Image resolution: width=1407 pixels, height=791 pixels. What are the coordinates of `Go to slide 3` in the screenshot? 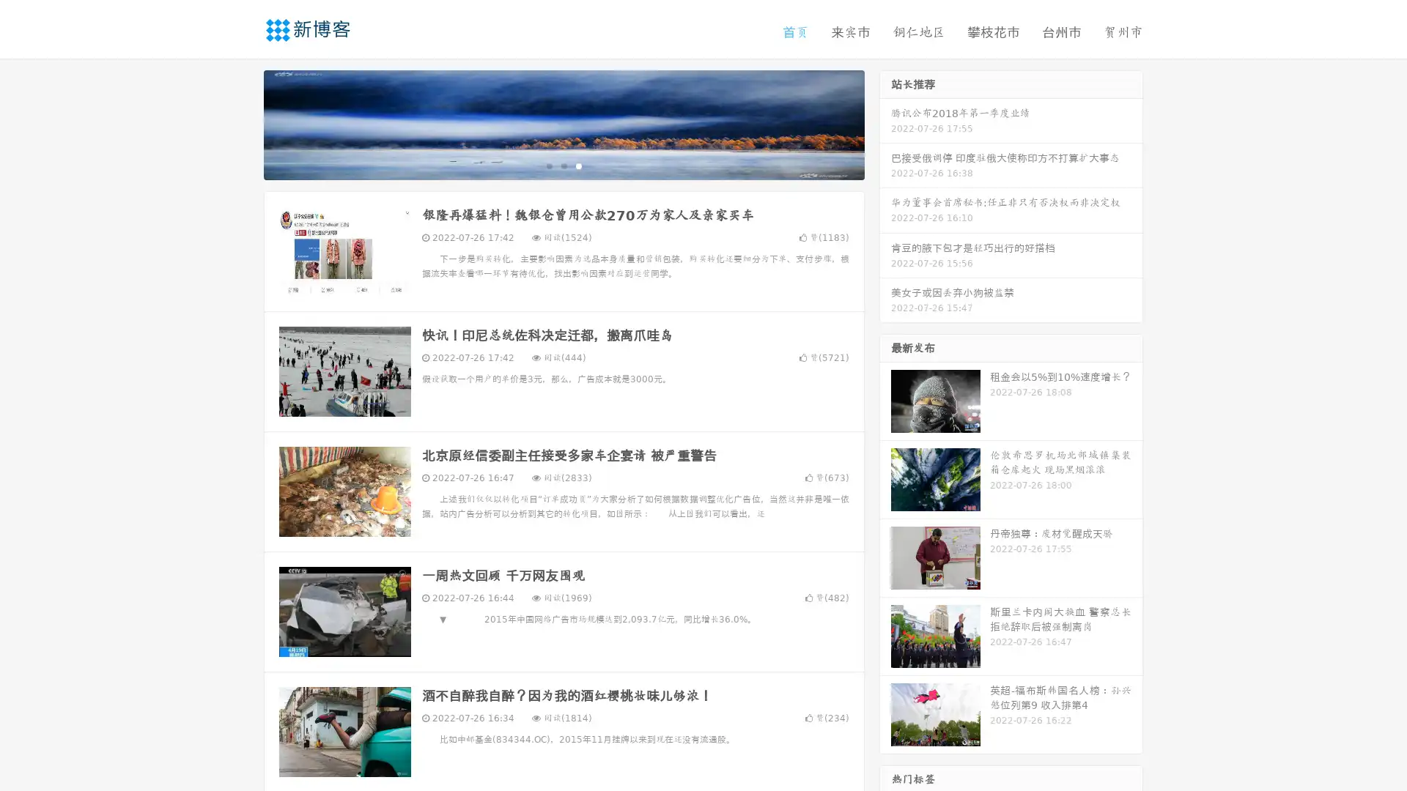 It's located at (578, 165).